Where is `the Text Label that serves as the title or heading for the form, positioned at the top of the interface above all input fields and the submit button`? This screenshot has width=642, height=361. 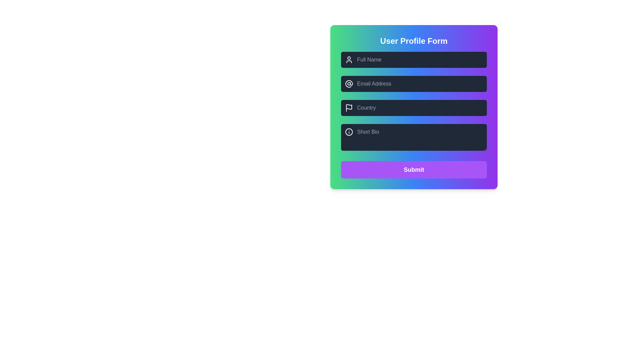
the Text Label that serves as the title or heading for the form, positioned at the top of the interface above all input fields and the submit button is located at coordinates (414, 41).